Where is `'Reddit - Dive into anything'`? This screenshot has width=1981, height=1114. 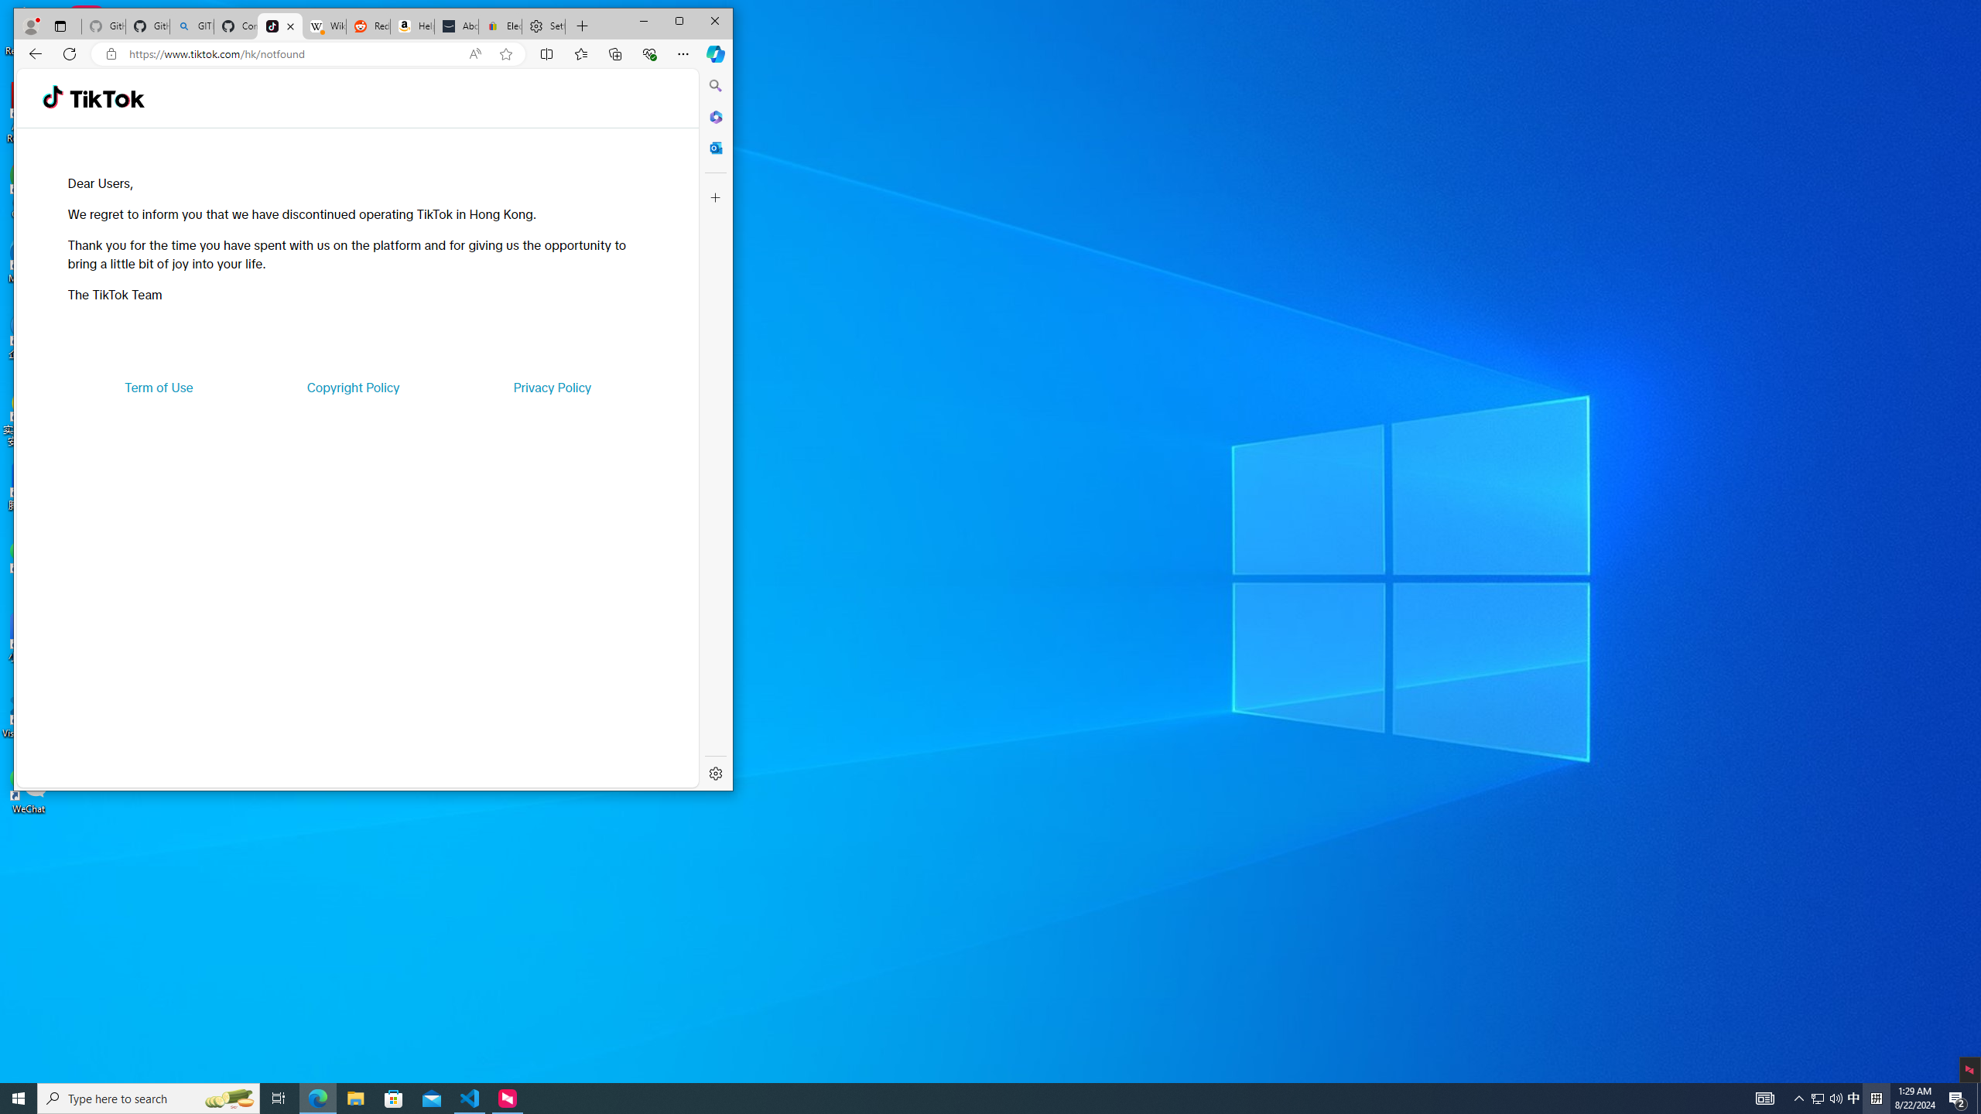 'Reddit - Dive into anything' is located at coordinates (366, 26).